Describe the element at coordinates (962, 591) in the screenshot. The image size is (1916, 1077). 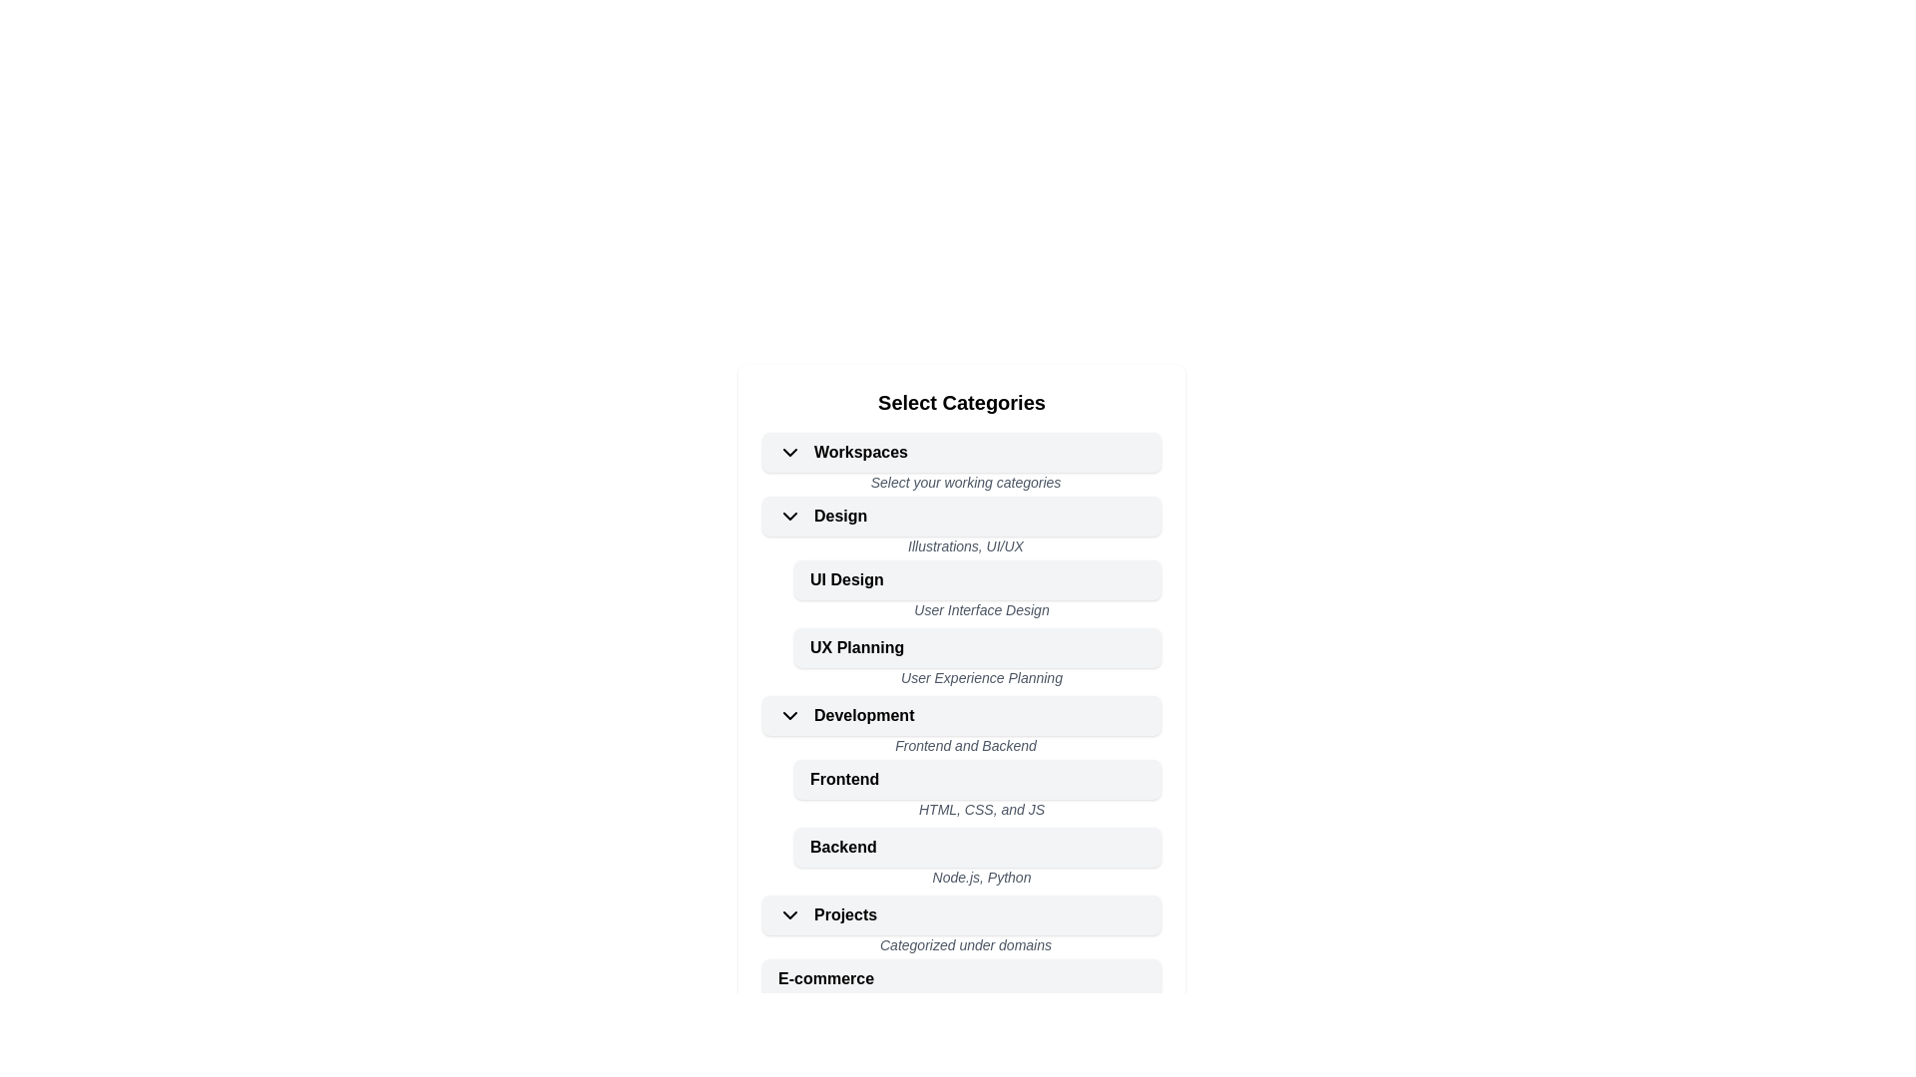
I see `to select the 'UI Design' category, which is a selectable item in the 'Design' section of the category list, featuring a bold title and italic description` at that location.